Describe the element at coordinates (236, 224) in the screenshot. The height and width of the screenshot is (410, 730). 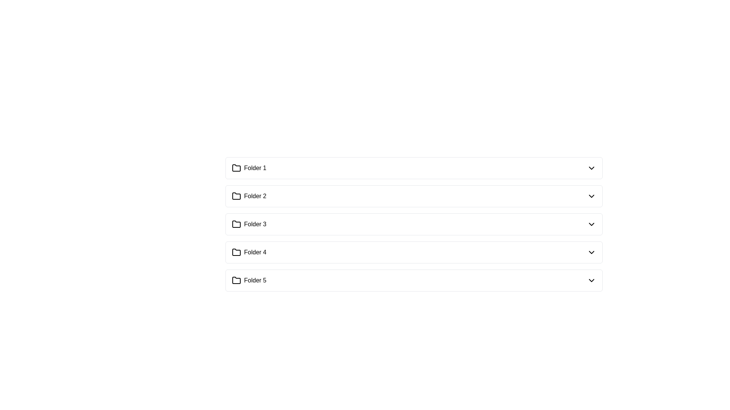
I see `the folder icon representing 'Folder 3', located` at that location.